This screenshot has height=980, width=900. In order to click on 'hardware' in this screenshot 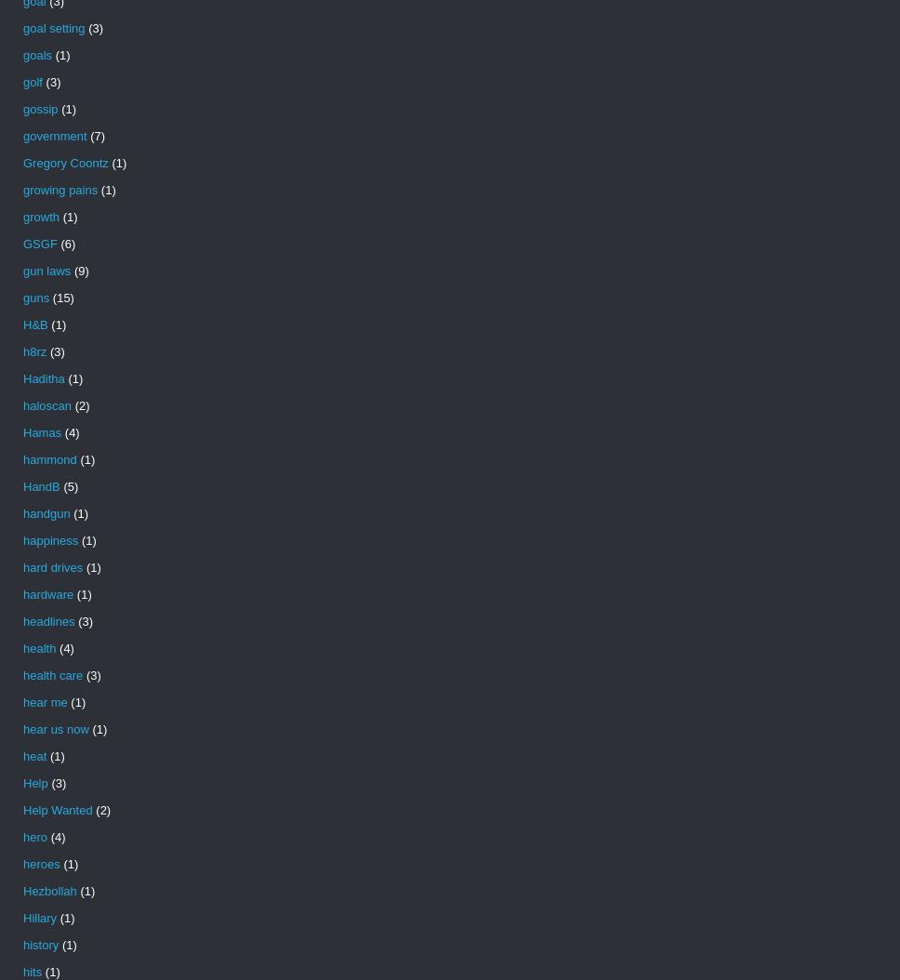, I will do `click(22, 594)`.